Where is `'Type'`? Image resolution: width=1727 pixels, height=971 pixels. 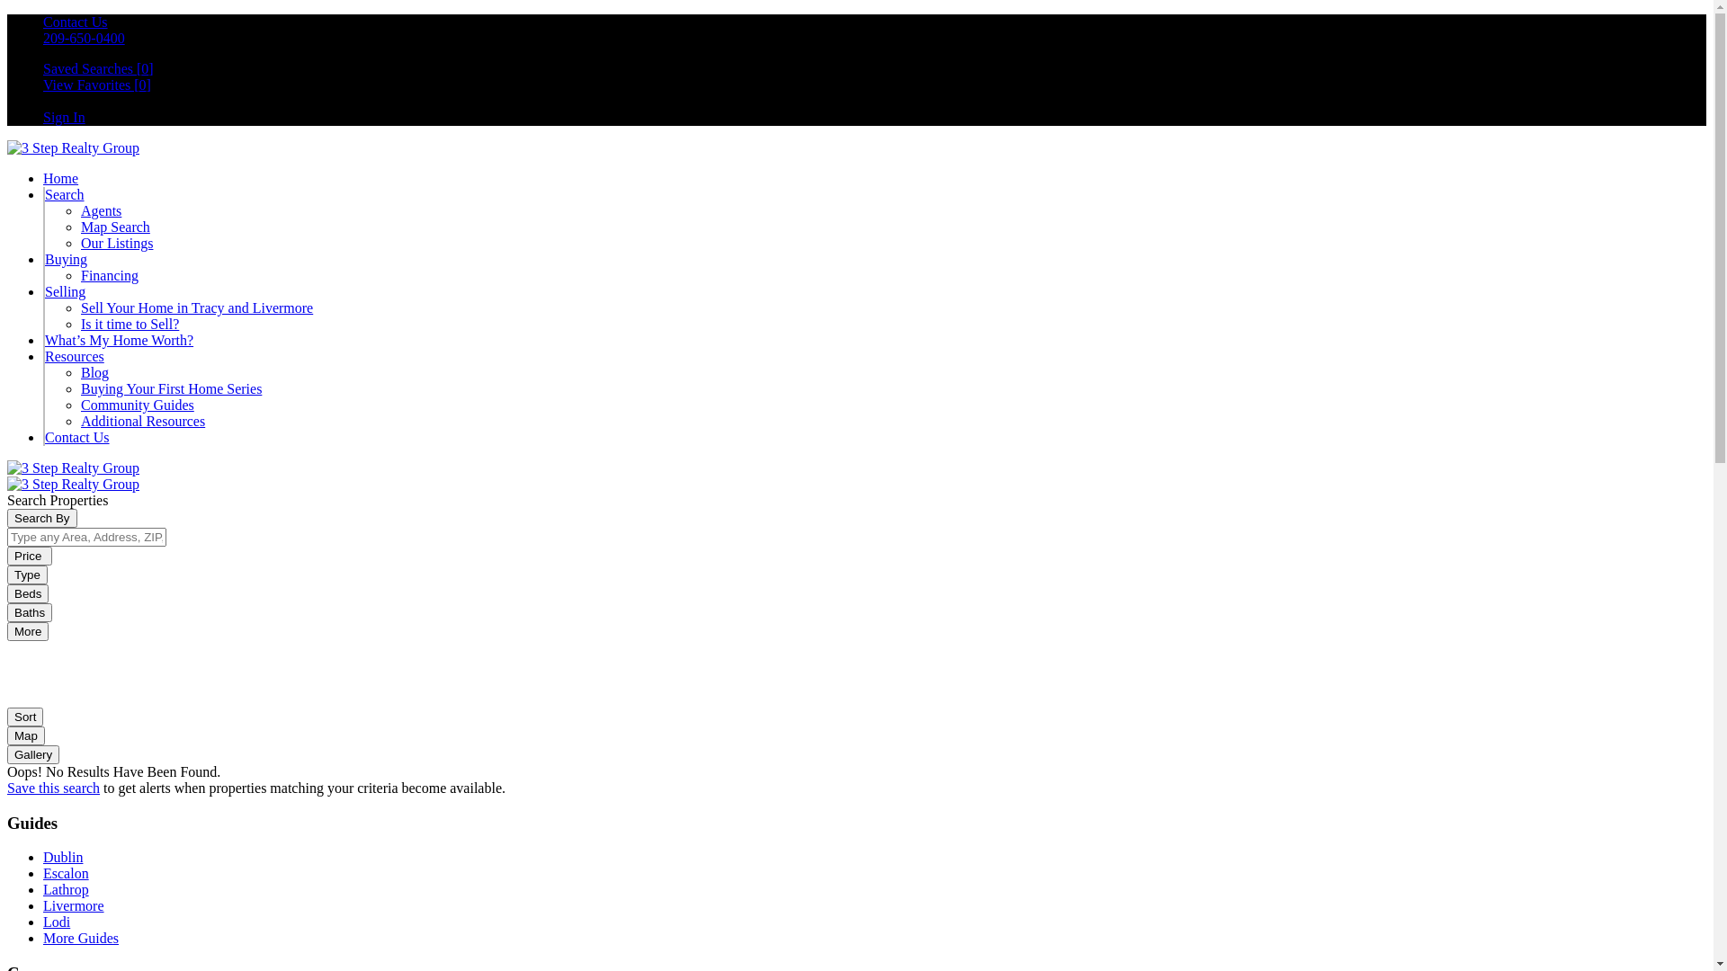 'Type' is located at coordinates (27, 575).